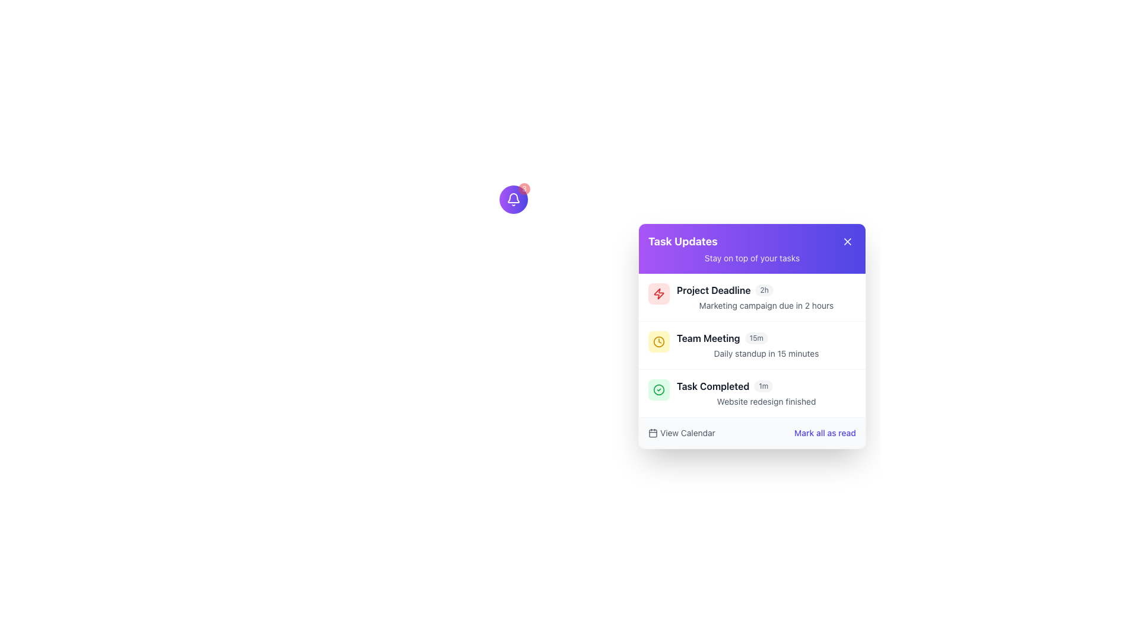 The image size is (1139, 640). What do you see at coordinates (847, 241) in the screenshot?
I see `the close button located in the top-right corner of the 'Task Updates' purple header section` at bounding box center [847, 241].